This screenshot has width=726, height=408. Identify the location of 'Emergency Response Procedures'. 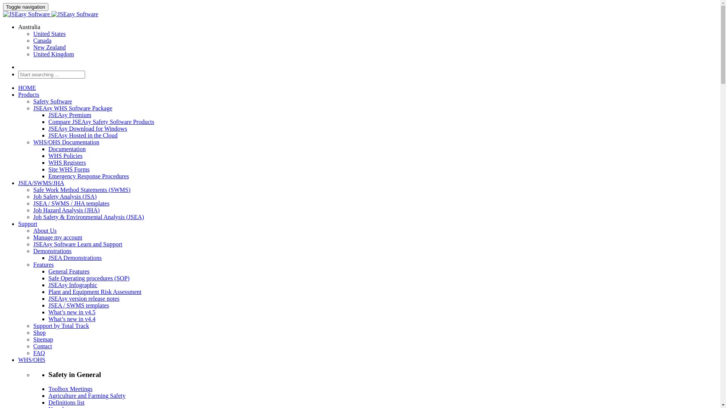
(48, 176).